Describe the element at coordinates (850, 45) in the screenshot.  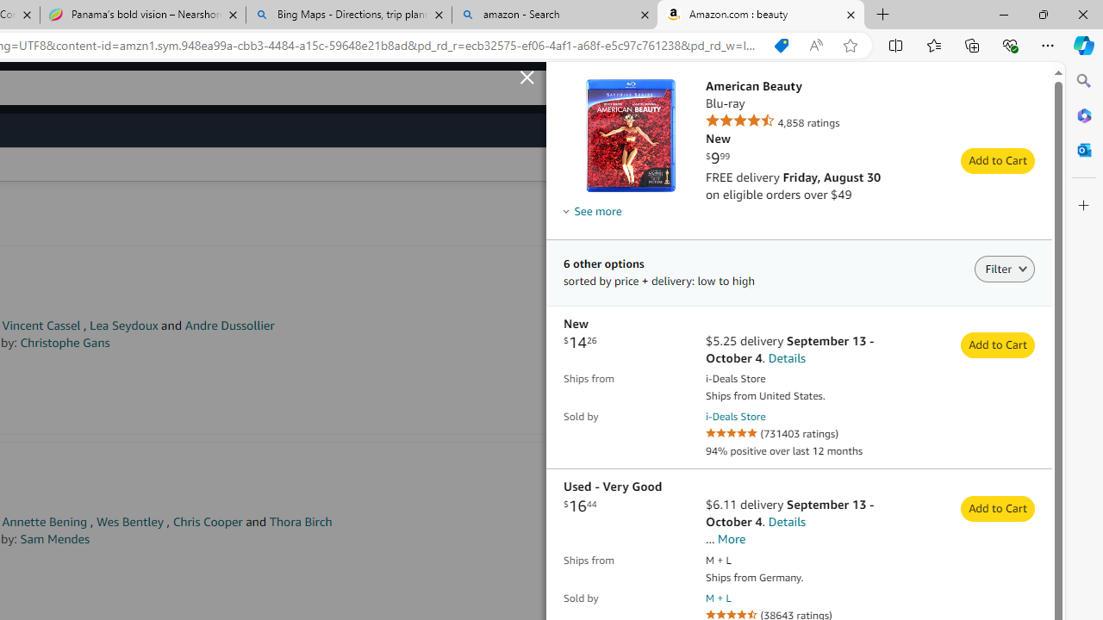
I see `'Add this page to favorites (Ctrl+D)'` at that location.